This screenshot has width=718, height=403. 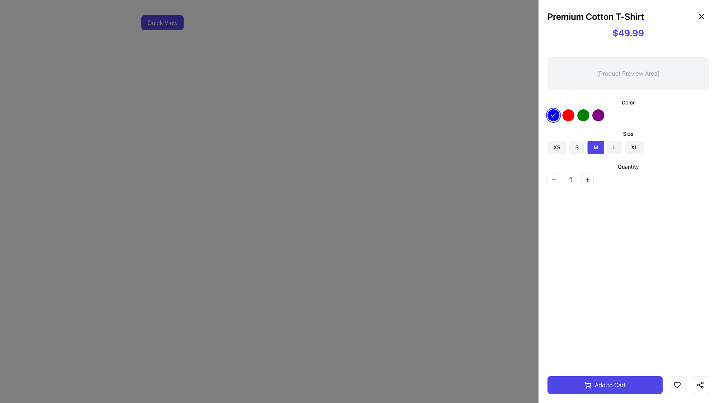 I want to click on the small square button with rounded corners featuring a centered horizontal line icon (-) to decrement the value in the quantity selector interface, so click(x=554, y=180).